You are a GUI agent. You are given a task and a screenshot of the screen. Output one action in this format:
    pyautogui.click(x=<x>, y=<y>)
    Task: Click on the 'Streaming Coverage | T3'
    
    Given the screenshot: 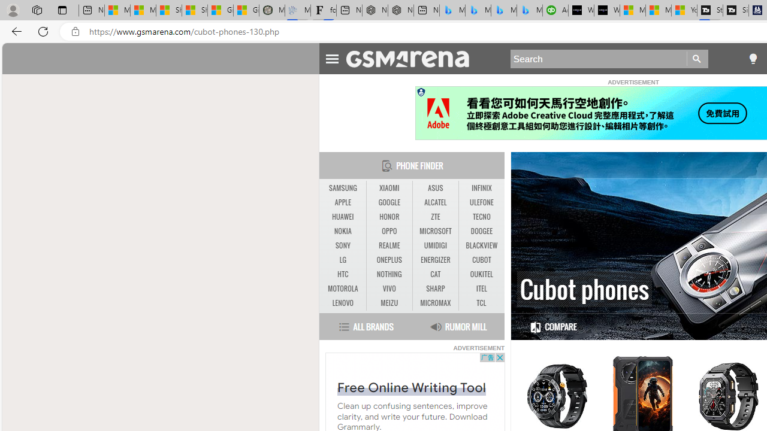 What is the action you would take?
    pyautogui.click(x=709, y=10)
    